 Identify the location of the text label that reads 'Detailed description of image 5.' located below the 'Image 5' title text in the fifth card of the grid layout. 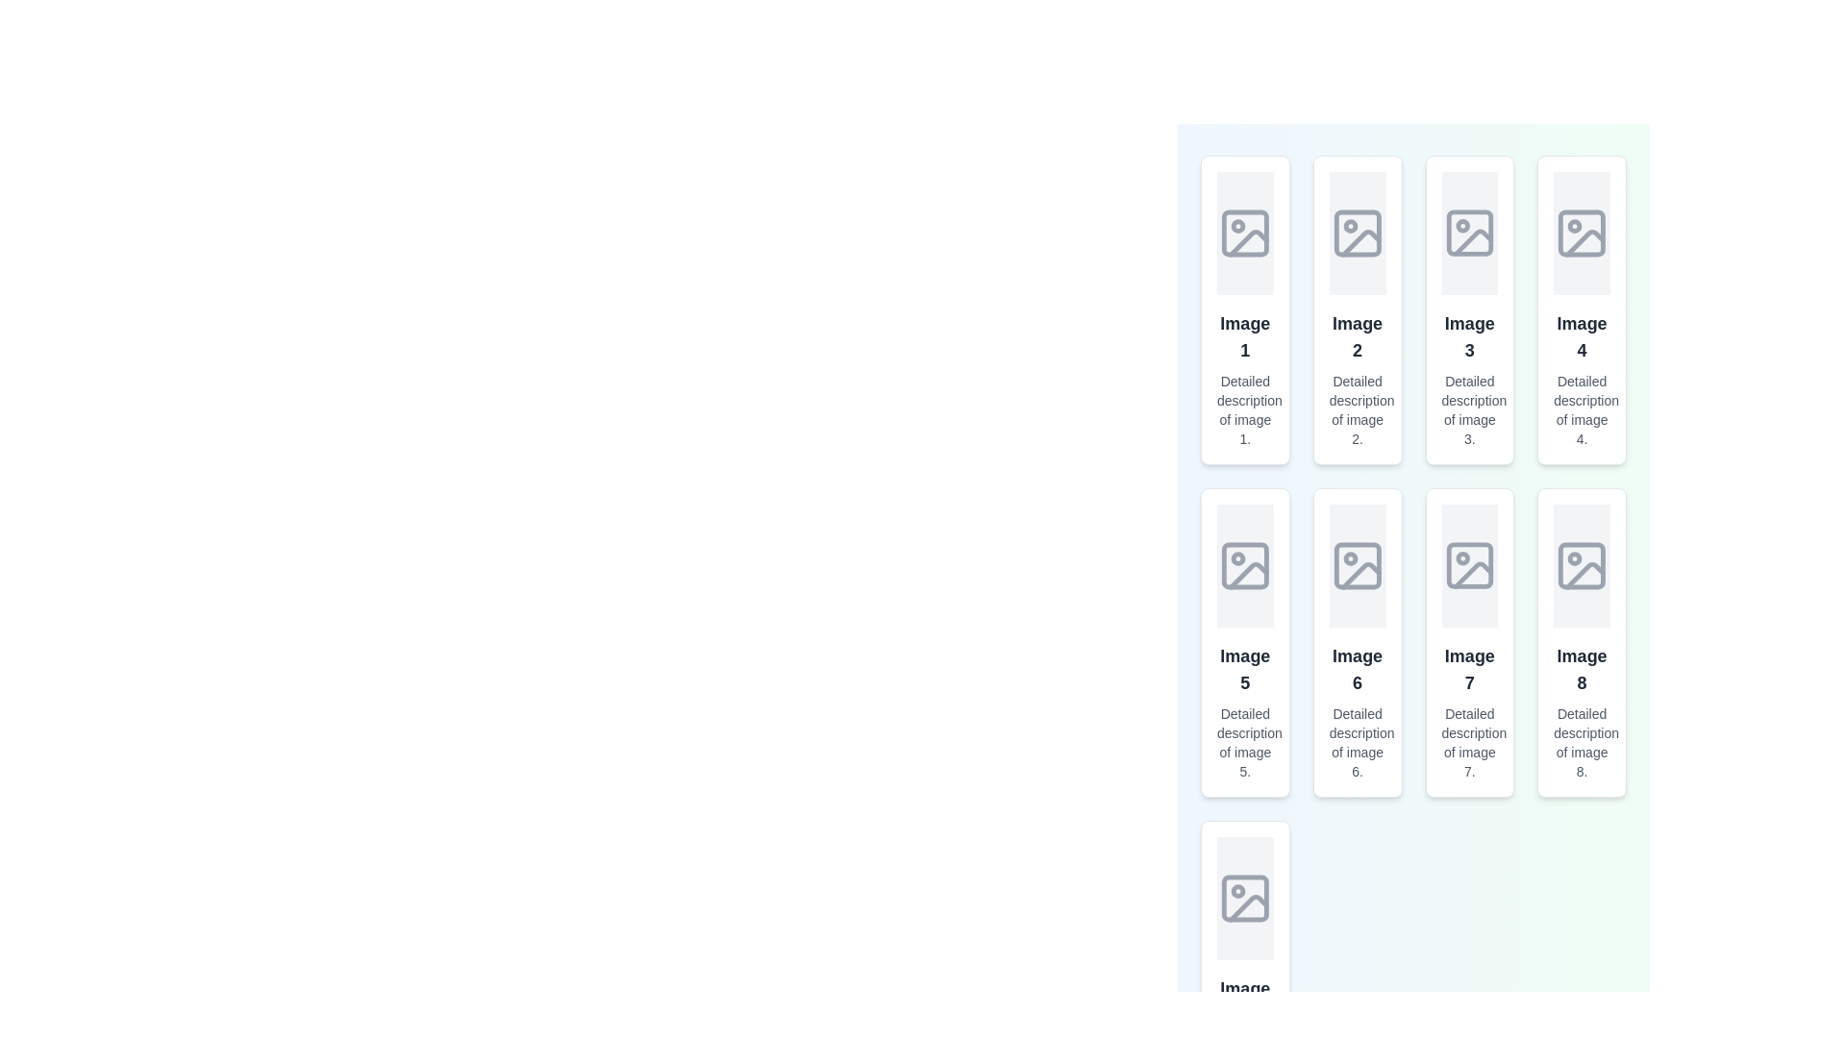
(1245, 741).